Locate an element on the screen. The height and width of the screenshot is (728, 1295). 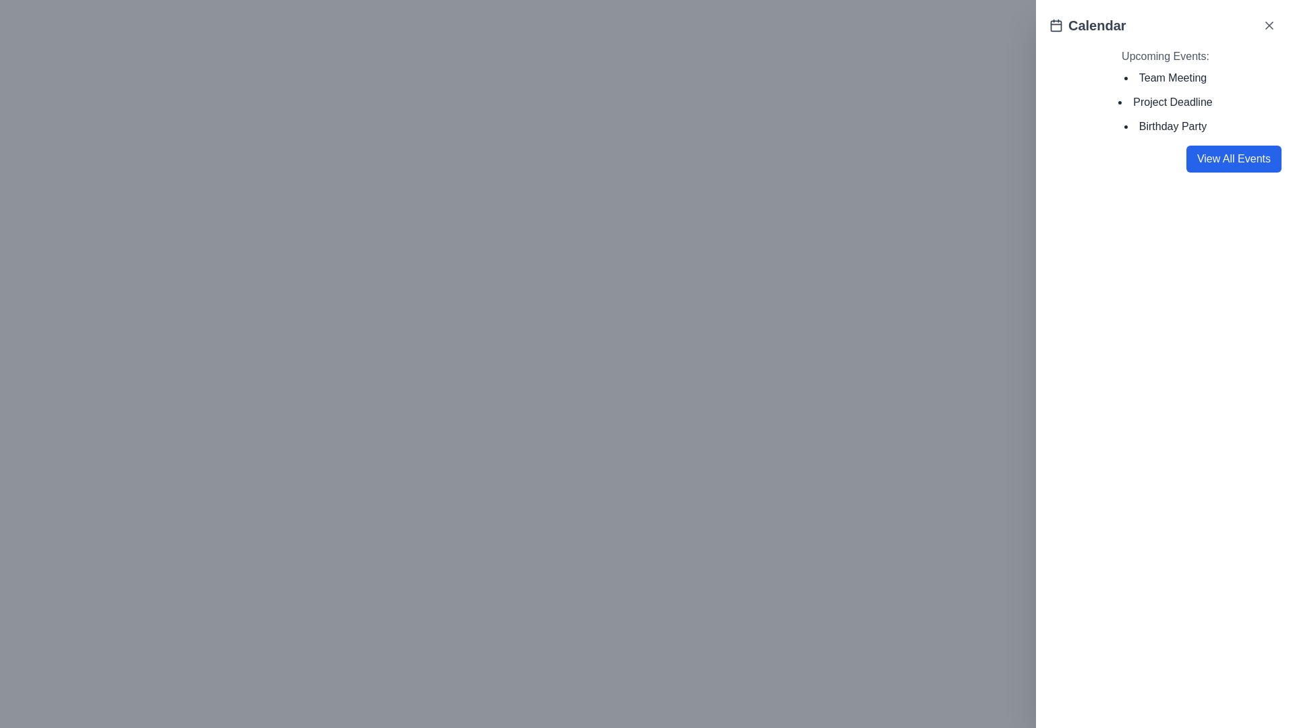
information displayed in the 'Team Meeting' text label, which is styled in dark gray and is the first item under the 'Upcoming Events' heading in the calendar interface is located at coordinates (1165, 78).